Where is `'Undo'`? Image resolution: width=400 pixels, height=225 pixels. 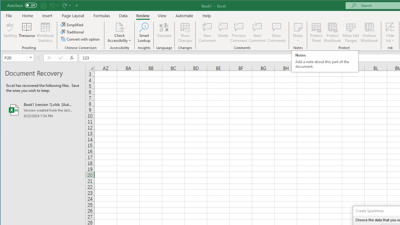 'Undo' is located at coordinates (52, 5).